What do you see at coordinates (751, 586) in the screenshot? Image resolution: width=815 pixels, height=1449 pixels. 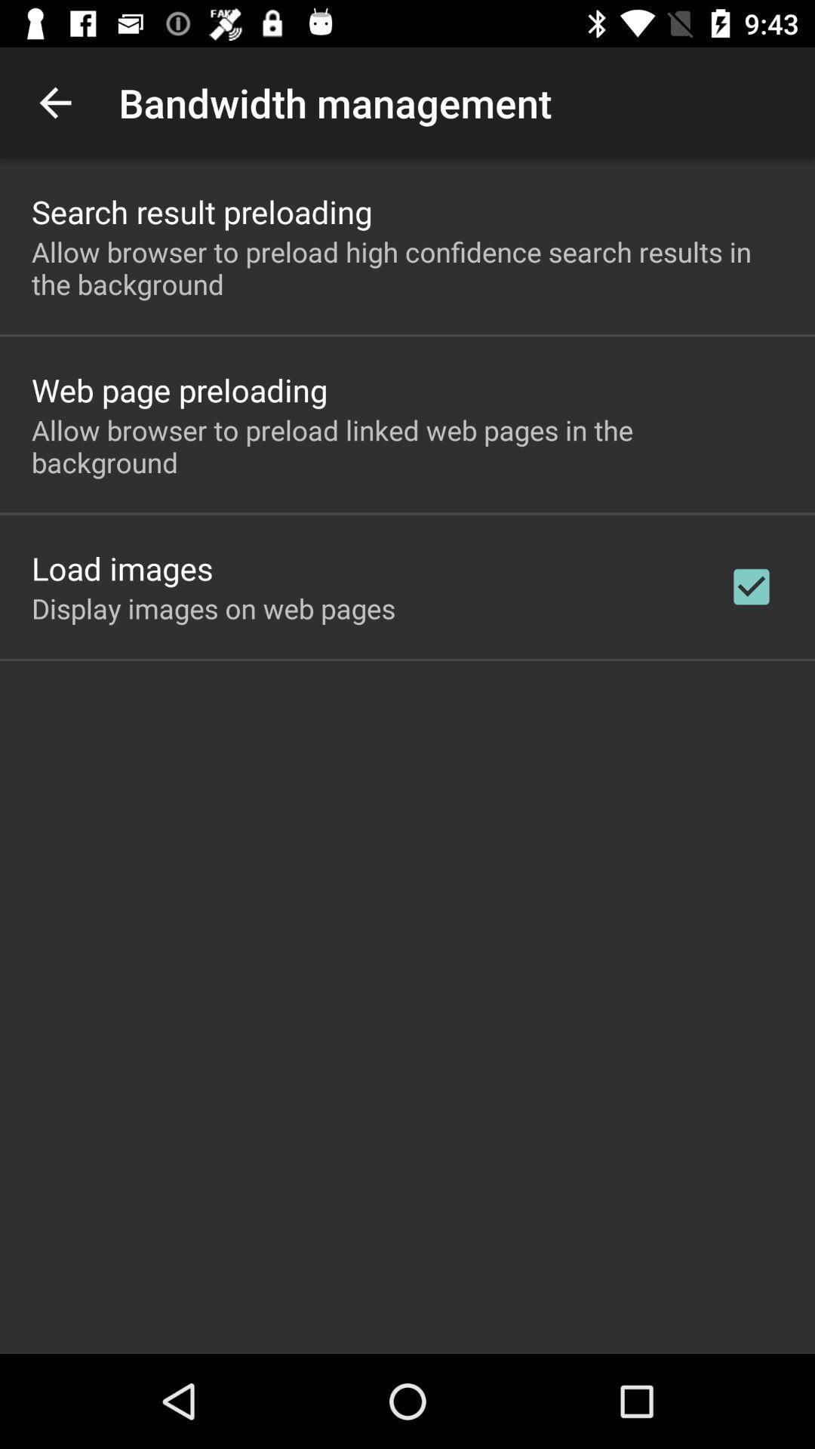 I see `the icon next to the display images on` at bounding box center [751, 586].